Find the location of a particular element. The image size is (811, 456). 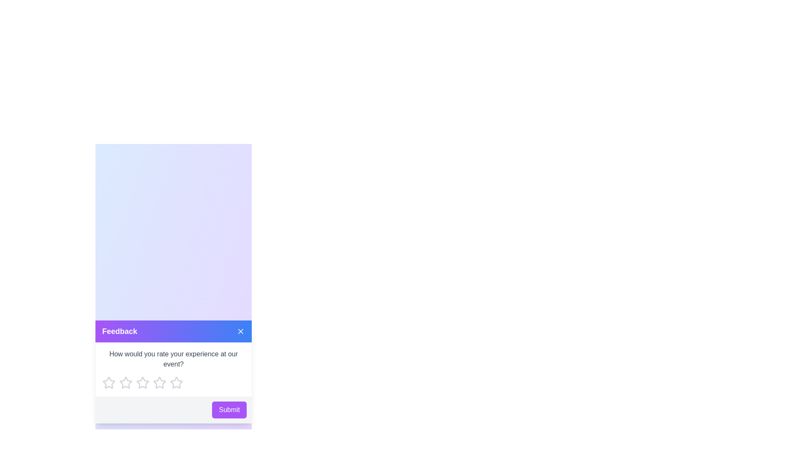

the third star in the horizontal row of five star rating icons is located at coordinates (125, 383).